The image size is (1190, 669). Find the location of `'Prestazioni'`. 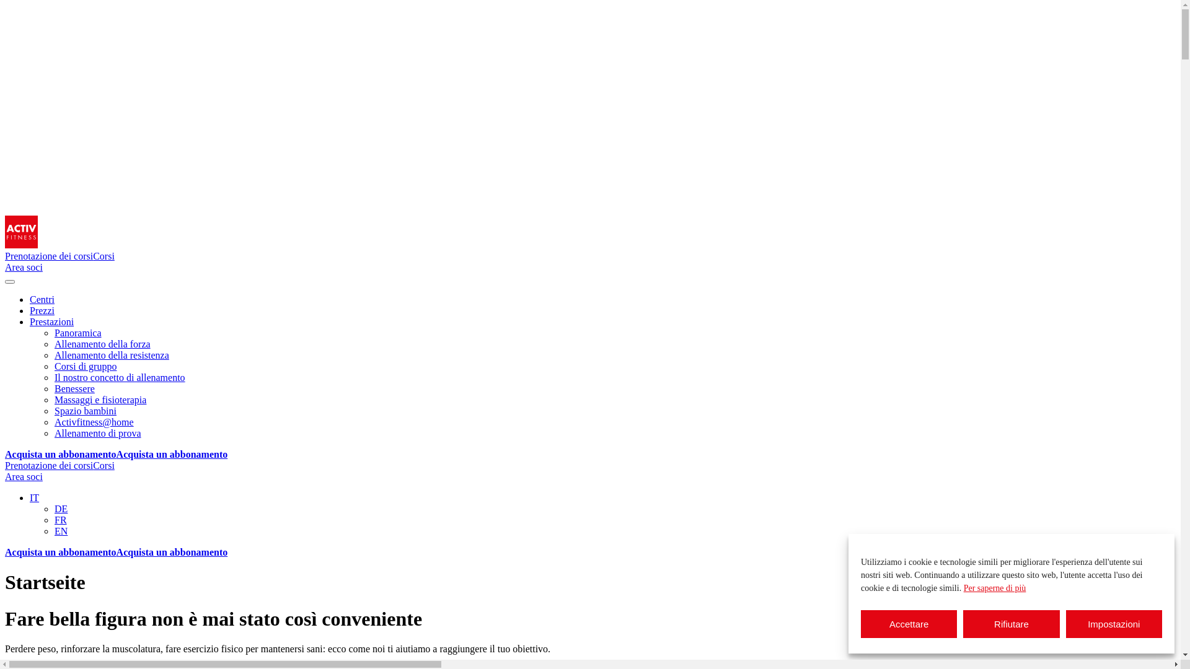

'Prestazioni' is located at coordinates (51, 321).